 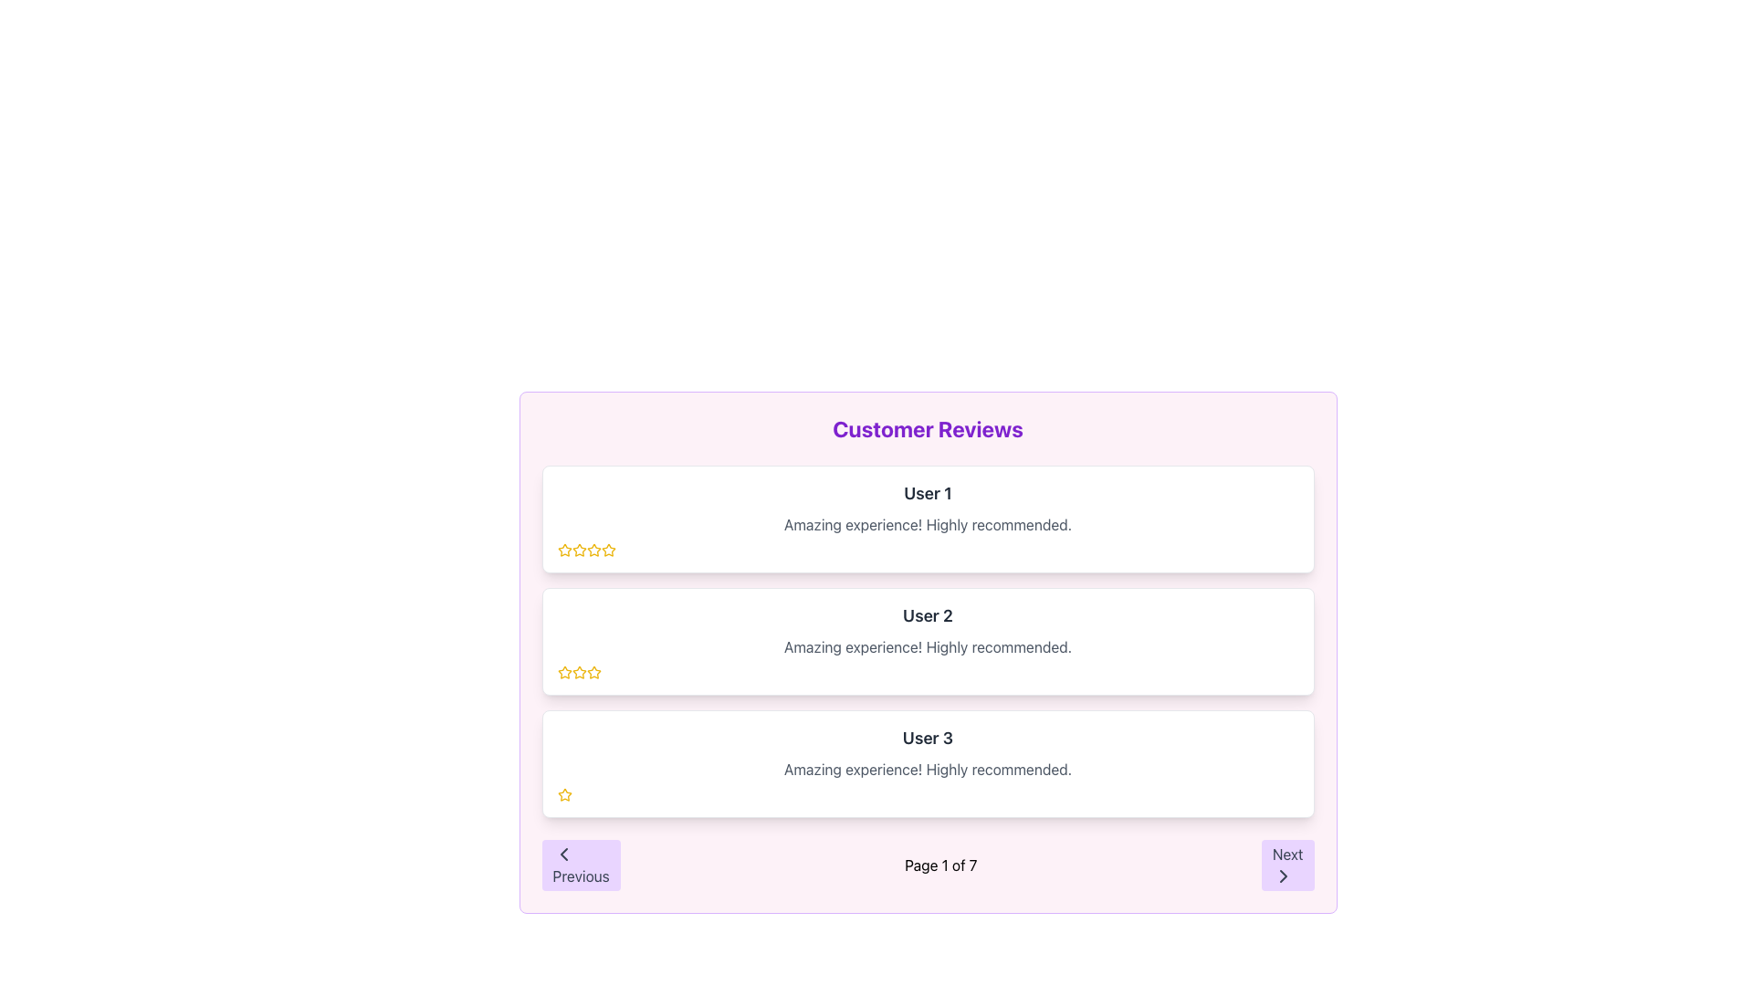 What do you see at coordinates (562, 855) in the screenshot?
I see `the 'Previous' button icon located in the bottom left corner of the UI's navigation section` at bounding box center [562, 855].